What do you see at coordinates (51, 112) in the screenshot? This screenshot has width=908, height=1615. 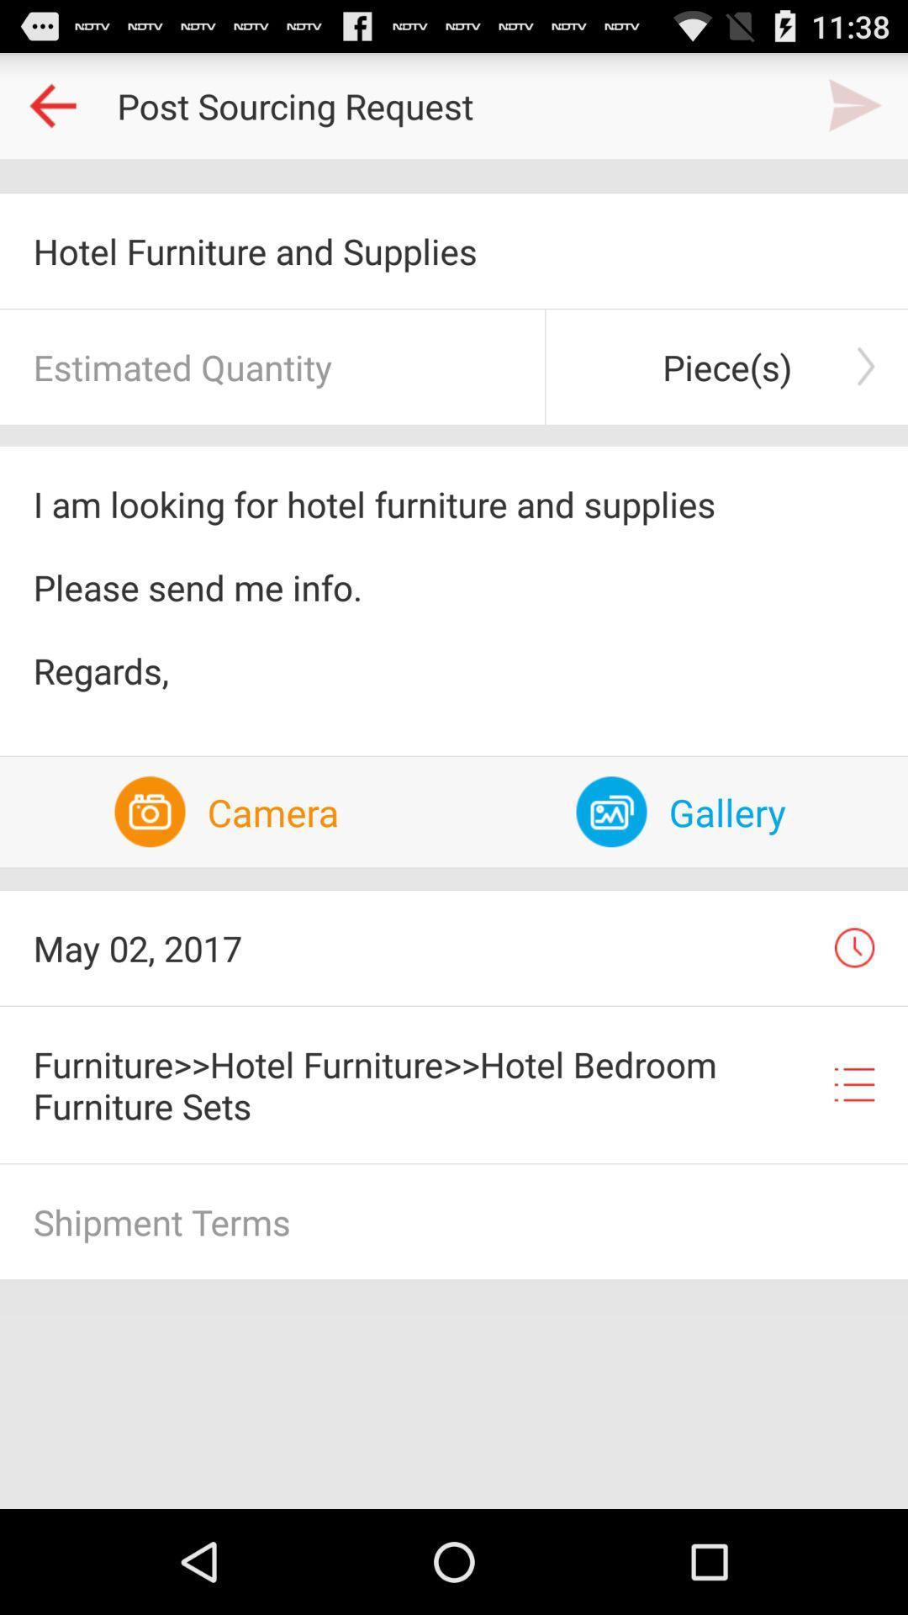 I see `the arrow_backward icon` at bounding box center [51, 112].